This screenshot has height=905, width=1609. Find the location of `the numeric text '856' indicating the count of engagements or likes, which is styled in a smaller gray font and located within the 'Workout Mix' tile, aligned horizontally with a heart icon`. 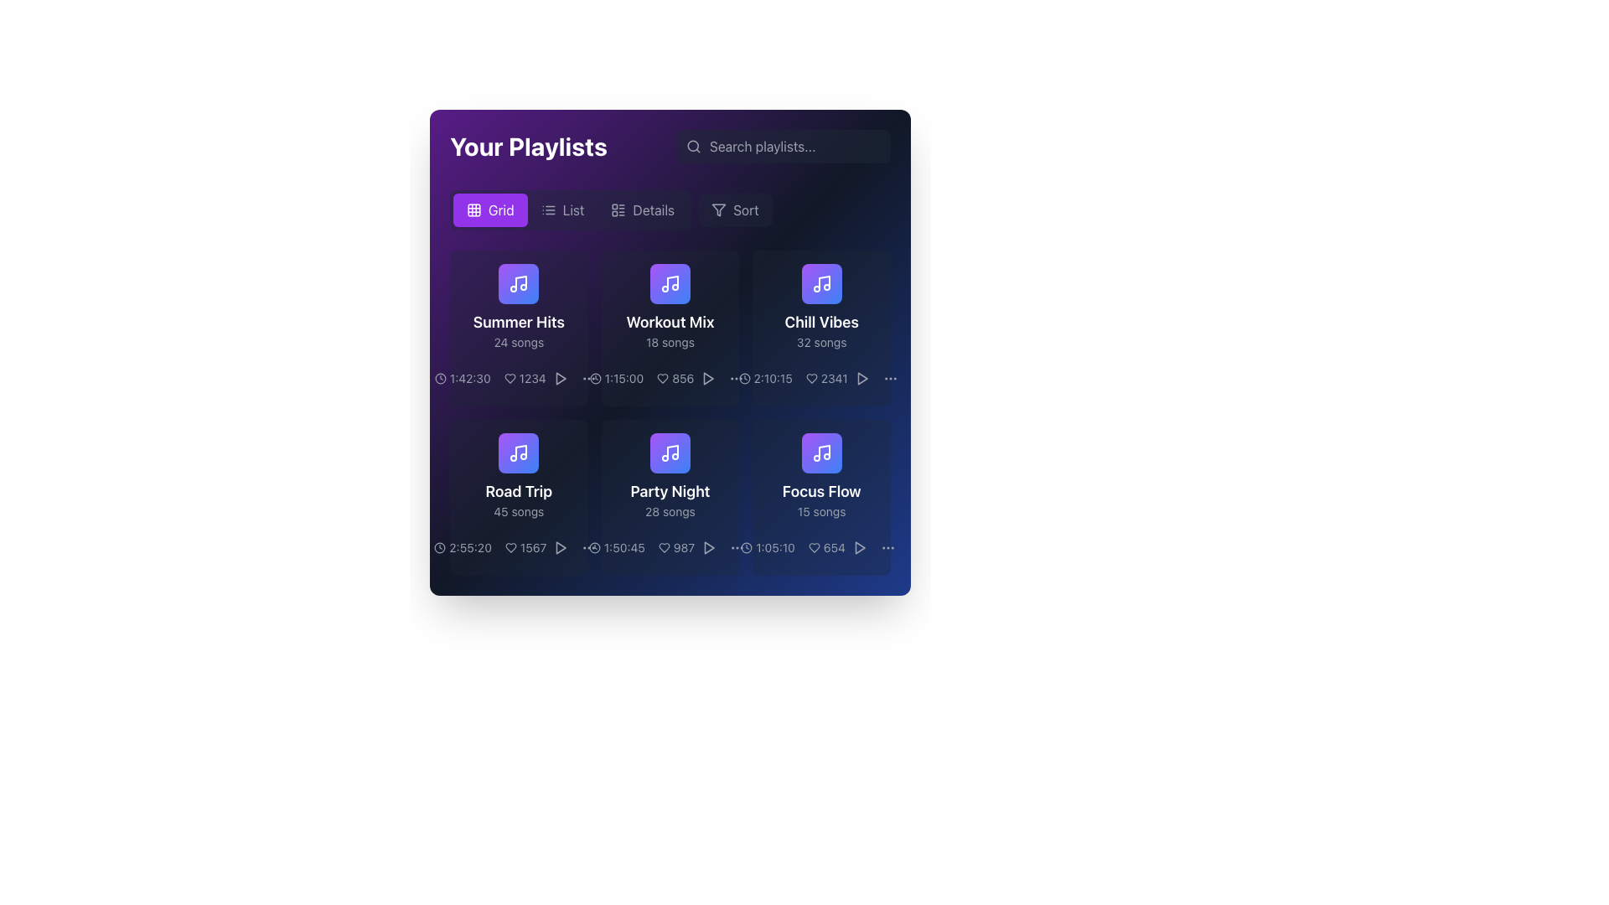

the numeric text '856' indicating the count of engagements or likes, which is styled in a smaller gray font and located within the 'Workout Mix' tile, aligned horizontally with a heart icon is located at coordinates (675, 378).